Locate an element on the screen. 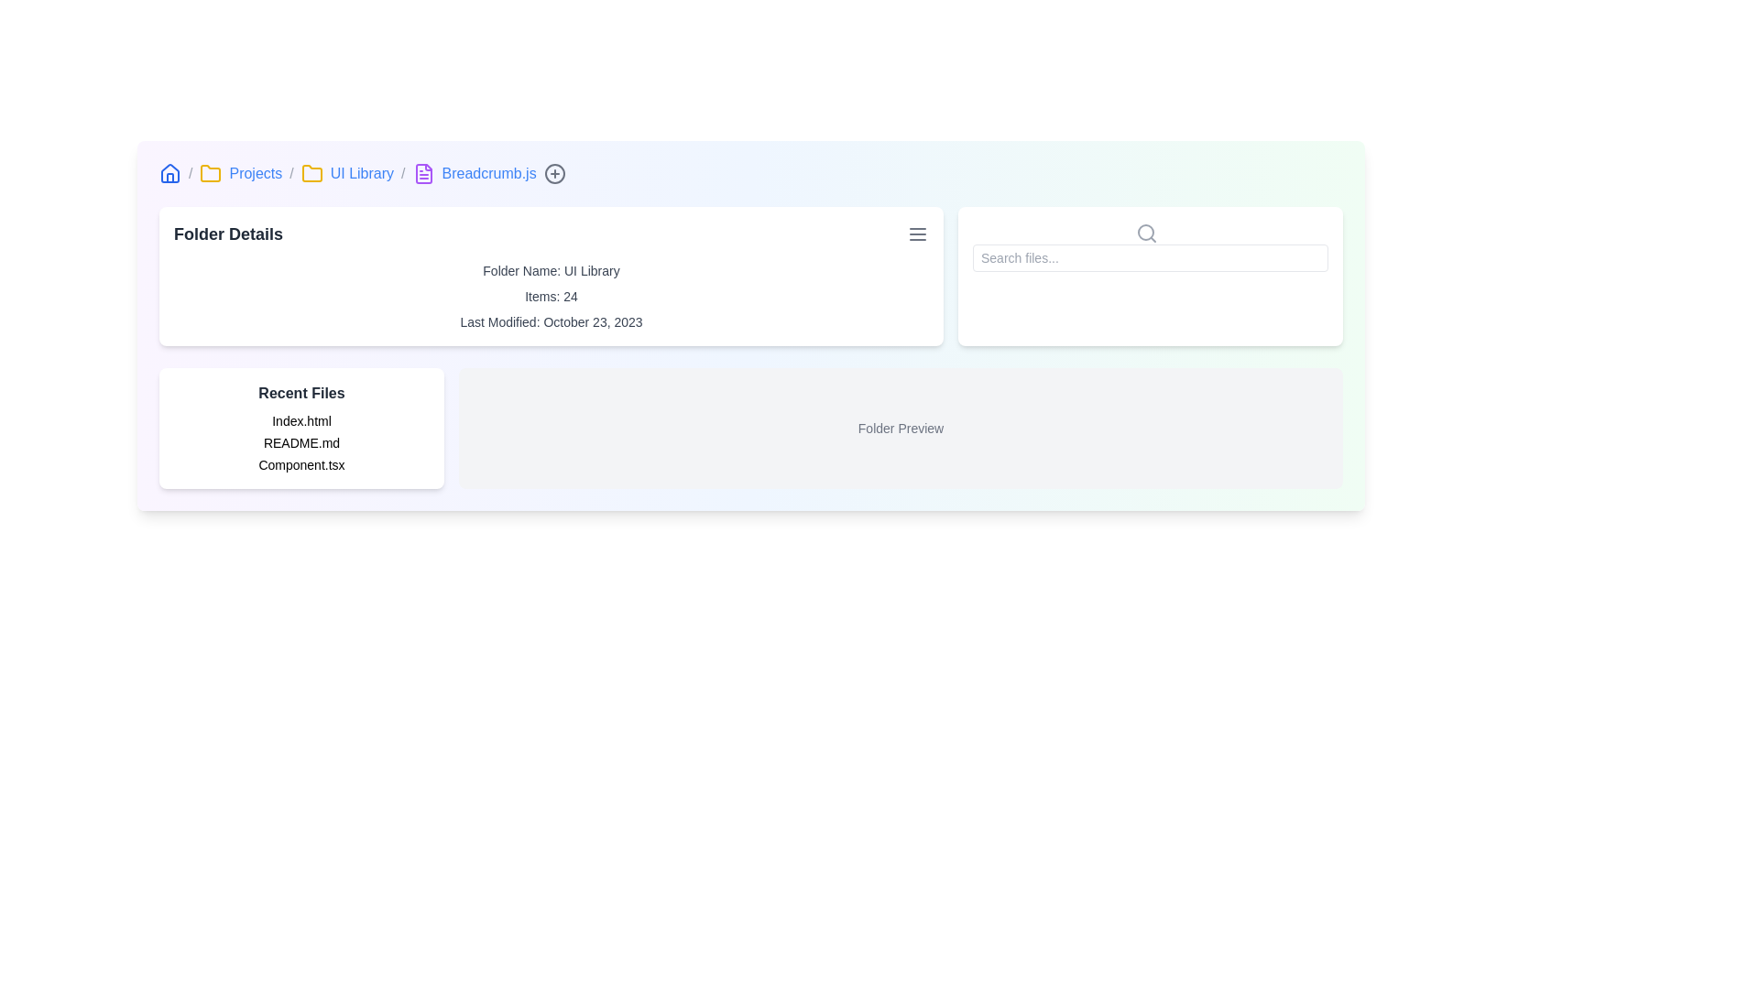 This screenshot has width=1759, height=989. the text label displaying 'Index.html' in the 'Recent Files' section is located at coordinates (301, 420).